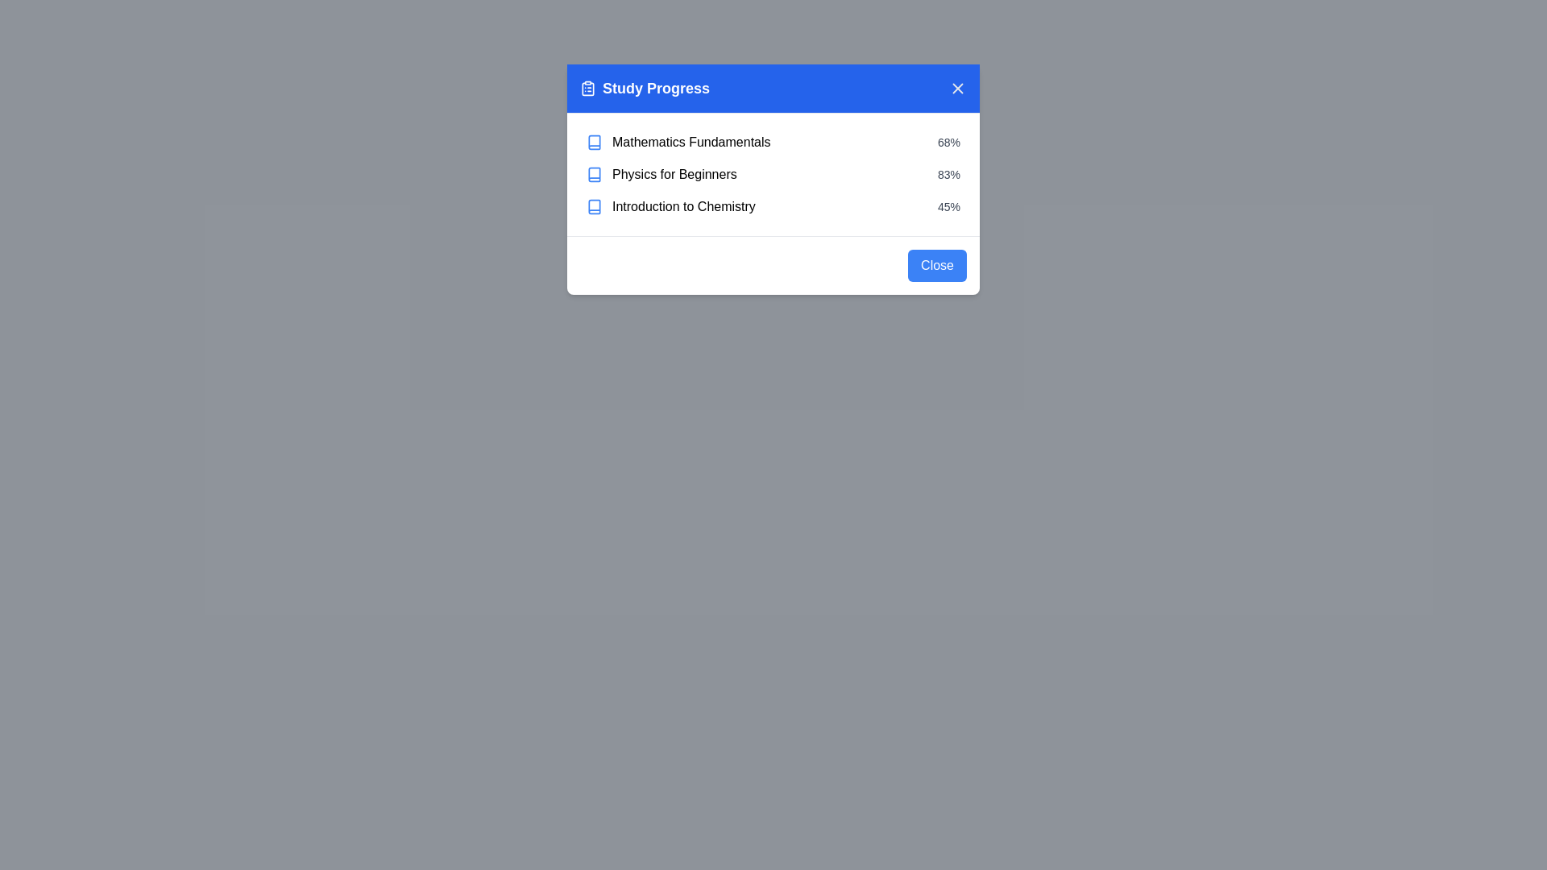 The width and height of the screenshot is (1547, 870). What do you see at coordinates (594, 206) in the screenshot?
I see `the icon representing 'Introduction to Chemistry' in the study progress list` at bounding box center [594, 206].